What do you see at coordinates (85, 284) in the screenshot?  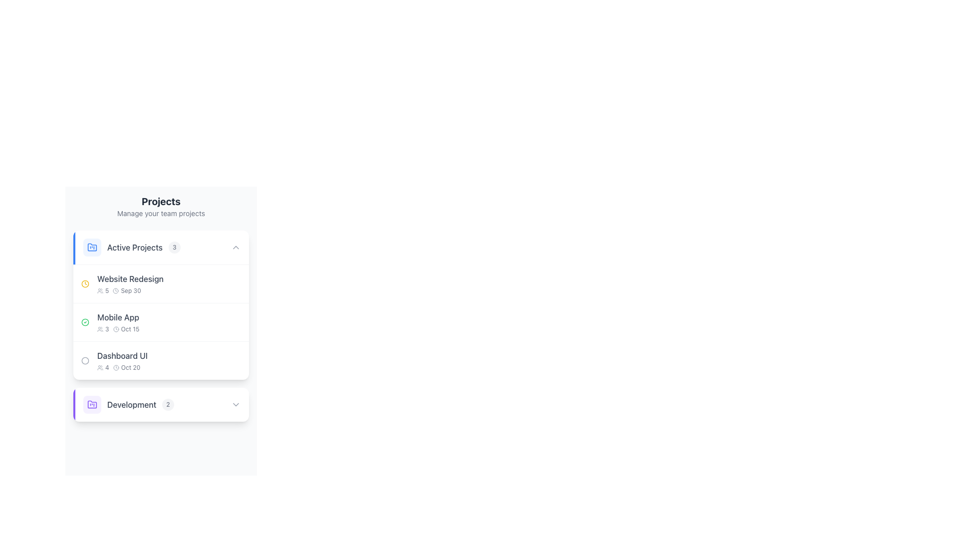 I see `the small yellow clock icon located to the left of the date text 'Sep 30' within the active project item labeled 'Website Redesign'` at bounding box center [85, 284].